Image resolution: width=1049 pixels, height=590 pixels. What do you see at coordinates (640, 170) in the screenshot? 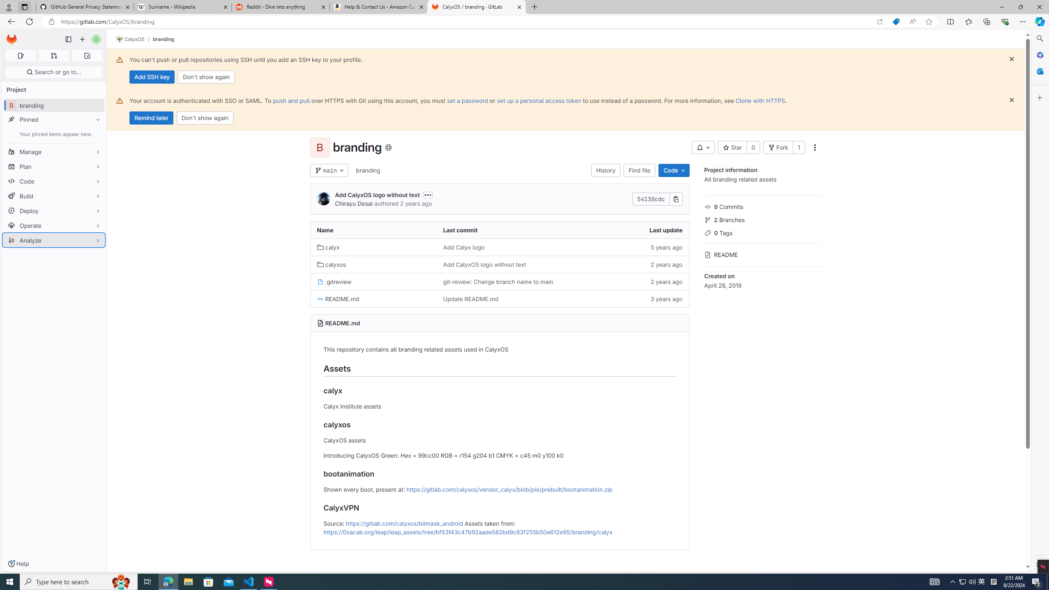
I see `'Find file'` at bounding box center [640, 170].